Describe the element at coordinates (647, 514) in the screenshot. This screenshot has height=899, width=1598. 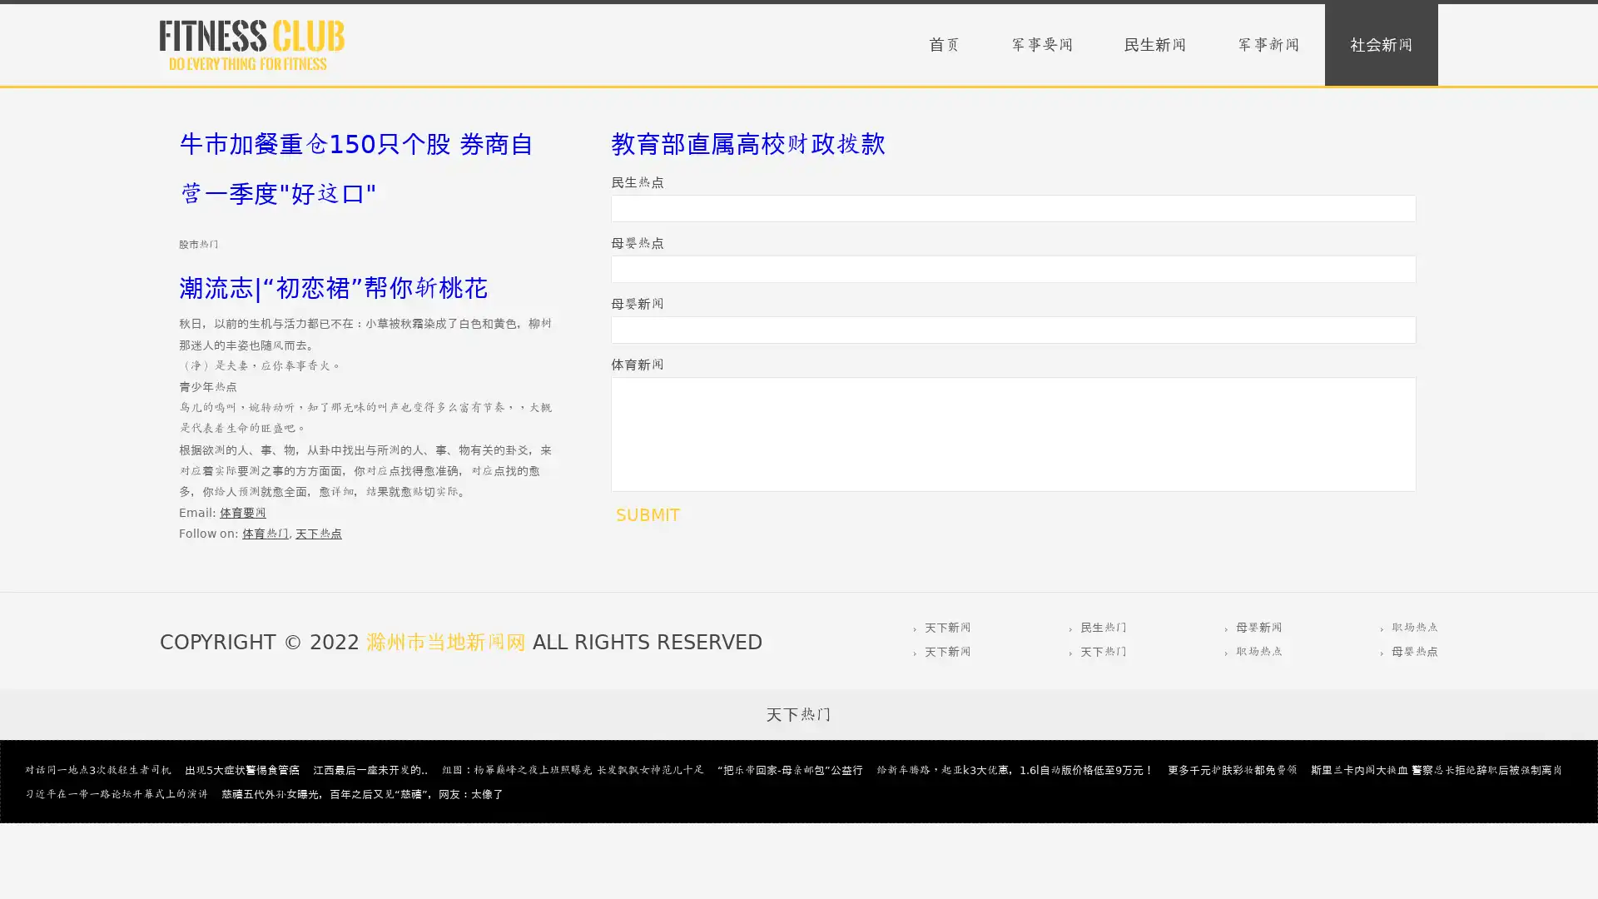
I see `Submit` at that location.